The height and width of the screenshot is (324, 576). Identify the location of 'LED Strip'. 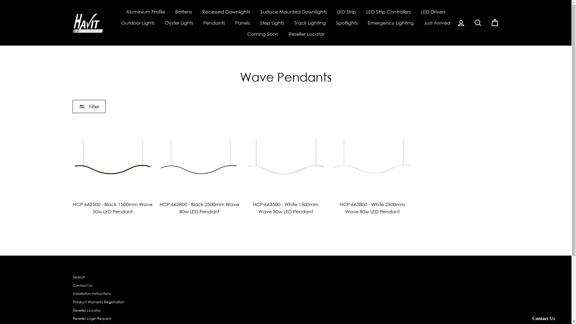
(346, 11).